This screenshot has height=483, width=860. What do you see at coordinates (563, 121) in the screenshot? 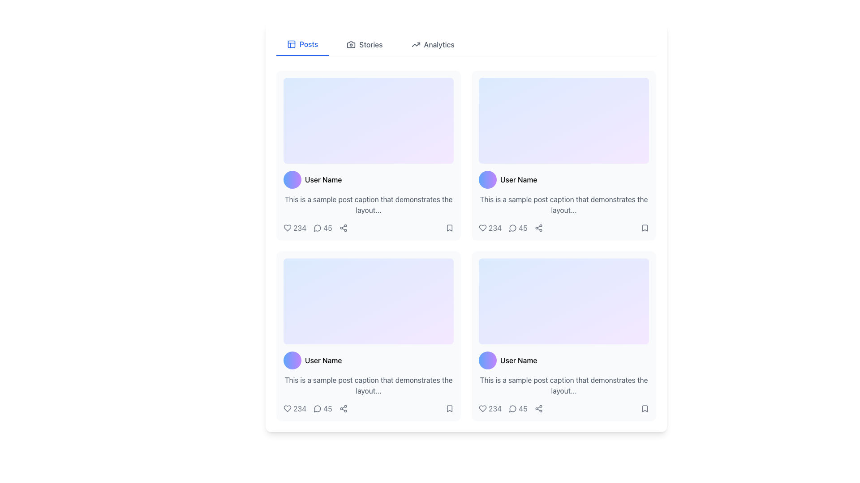
I see `the decorative gradient box that serves as a visual placeholder within the card located in the first column and second row of the grid layout` at bounding box center [563, 121].